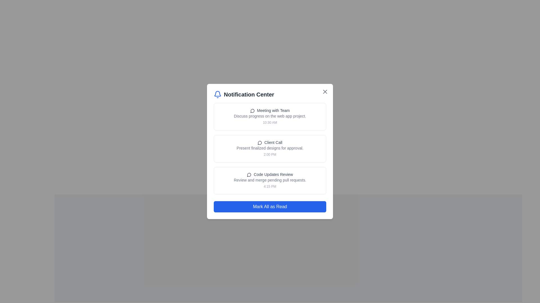 The width and height of the screenshot is (540, 303). Describe the element at coordinates (270, 206) in the screenshot. I see `the 'Mark All as Read' button, which has a blue background and white text, located at the bottom of the 'Notification Center' card` at that location.